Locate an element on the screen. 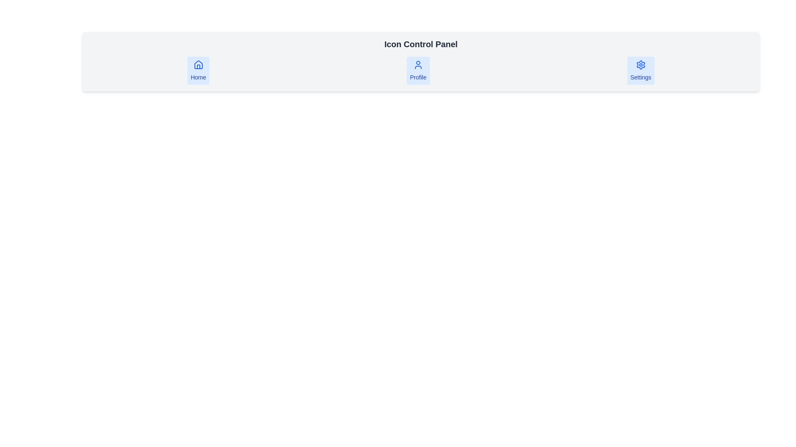 Image resolution: width=796 pixels, height=447 pixels. the rightmost button in the horizontal set of three that accesses the settings functionality of the application is located at coordinates (640, 70).